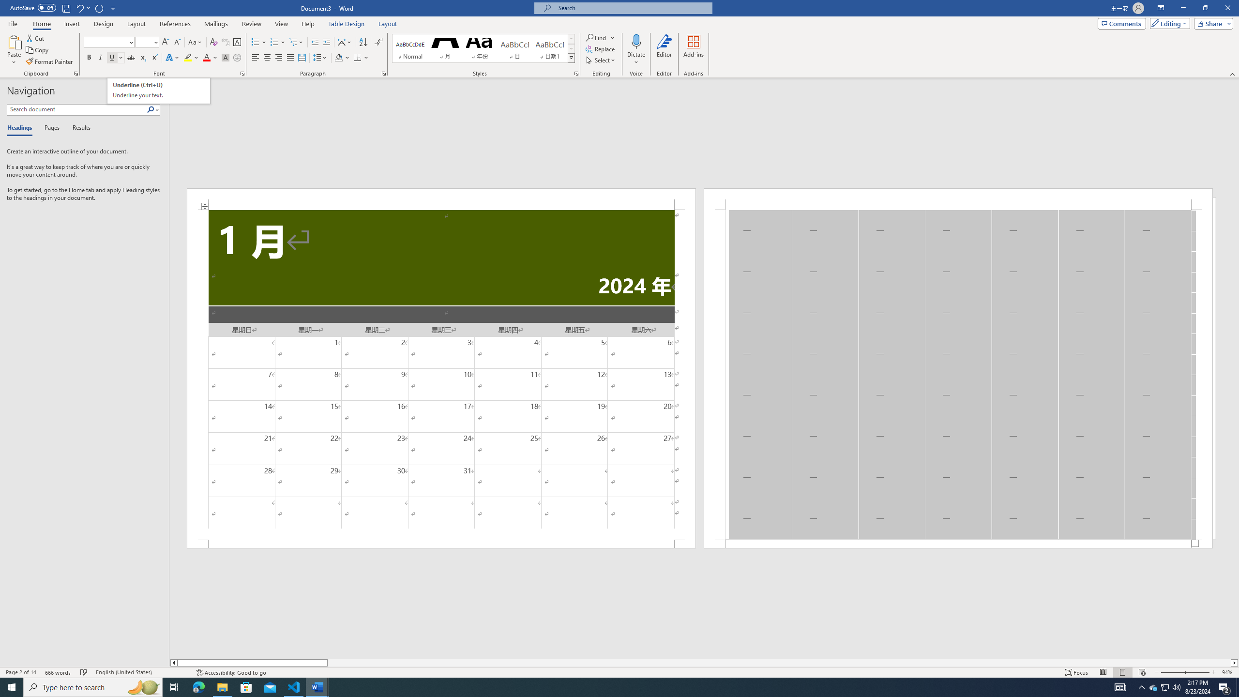 The image size is (1239, 697). What do you see at coordinates (140, 672) in the screenshot?
I see `'Language English (United States)'` at bounding box center [140, 672].